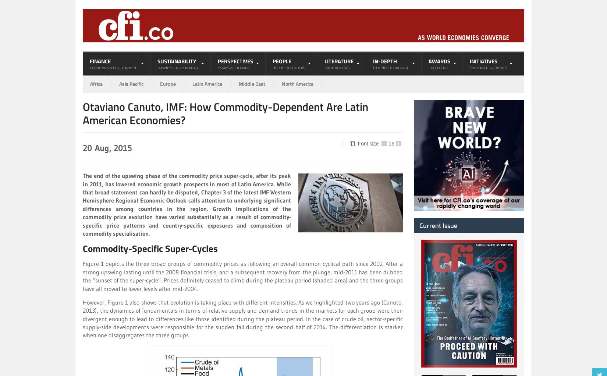 The width and height of the screenshot is (607, 376). What do you see at coordinates (281, 83) in the screenshot?
I see `'North America'` at bounding box center [281, 83].